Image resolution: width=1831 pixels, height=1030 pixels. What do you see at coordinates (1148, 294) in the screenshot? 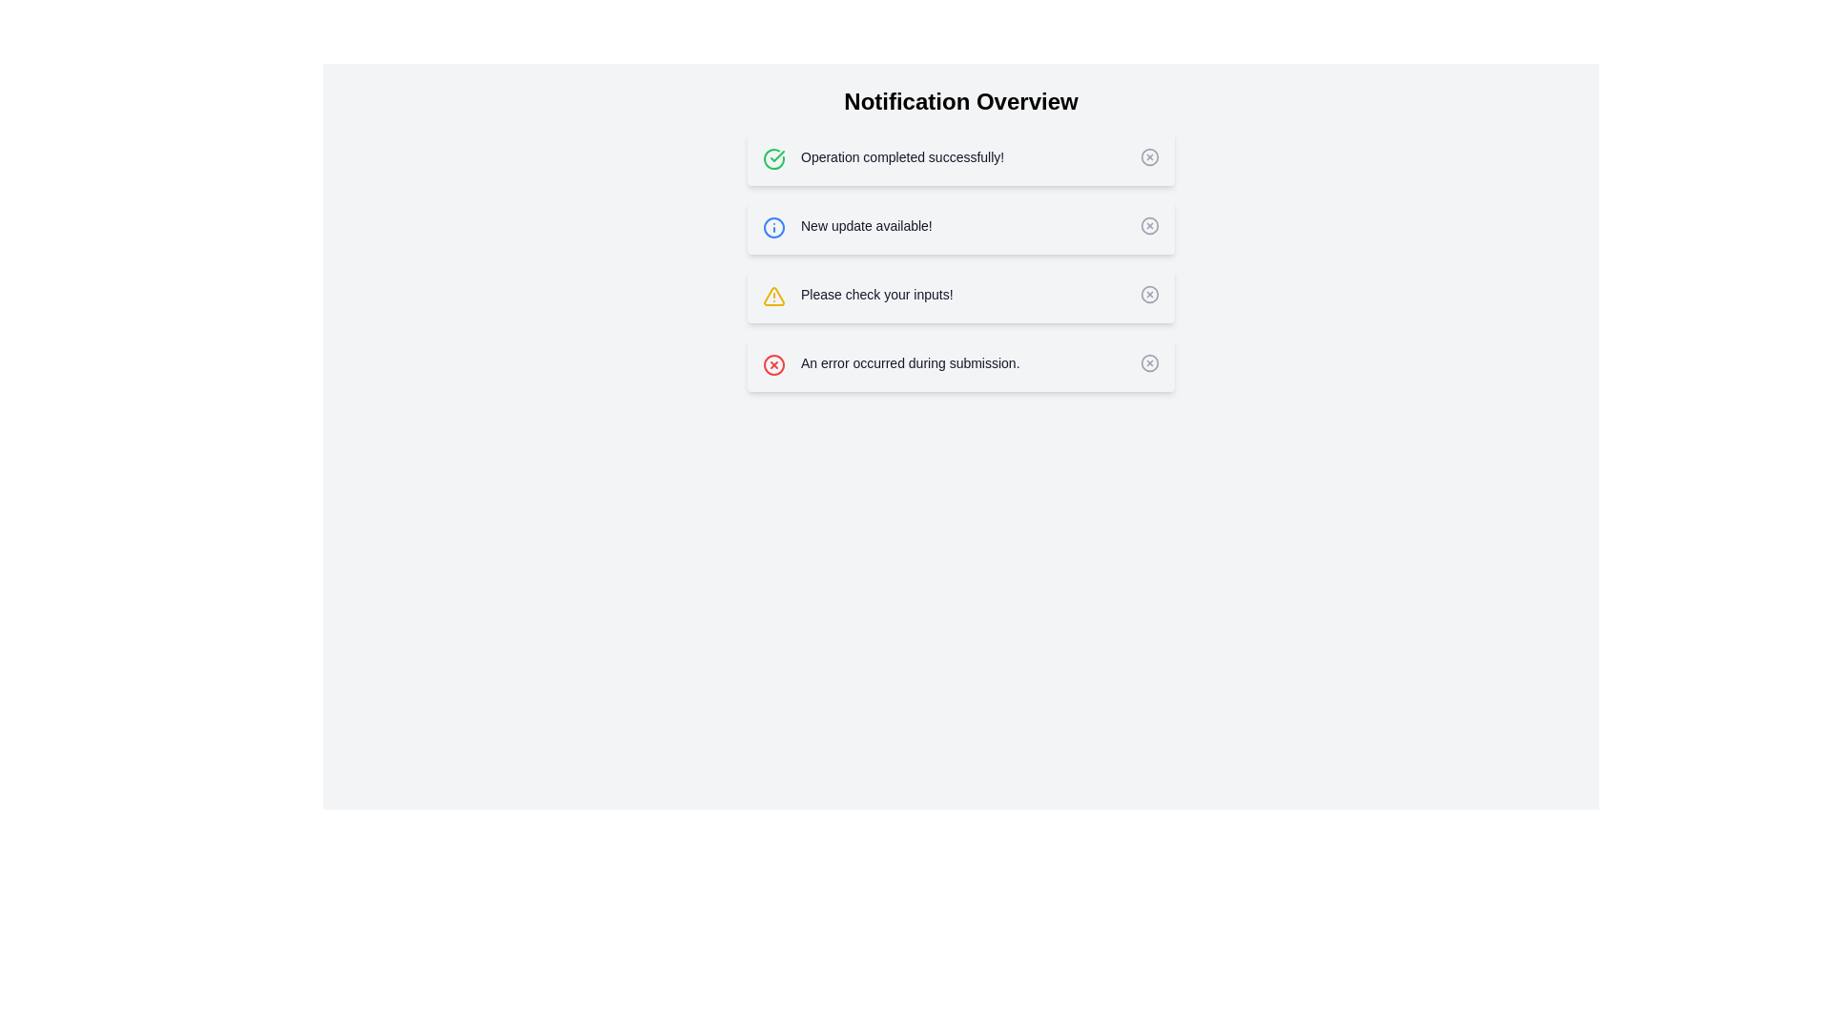
I see `the circular close button, styled in gray, located to the far right of the notification message 'Please check your inputs!', which is the third notification in the list` at bounding box center [1148, 294].